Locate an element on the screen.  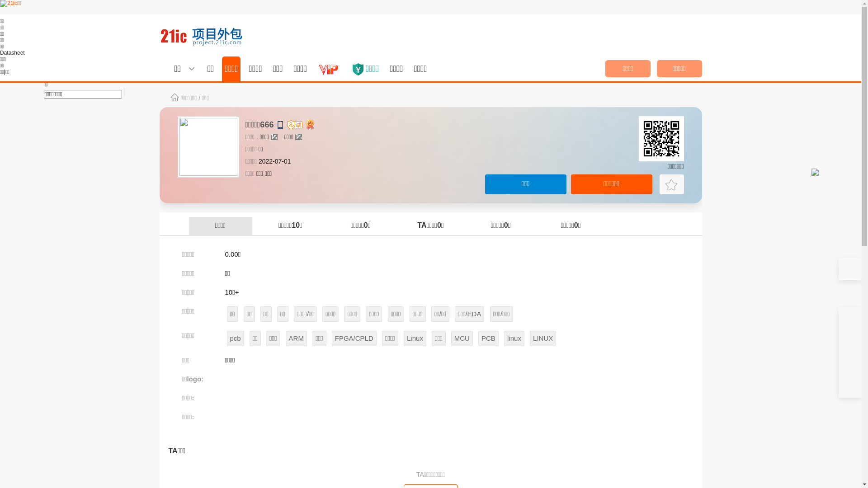
'PCB' is located at coordinates (488, 338).